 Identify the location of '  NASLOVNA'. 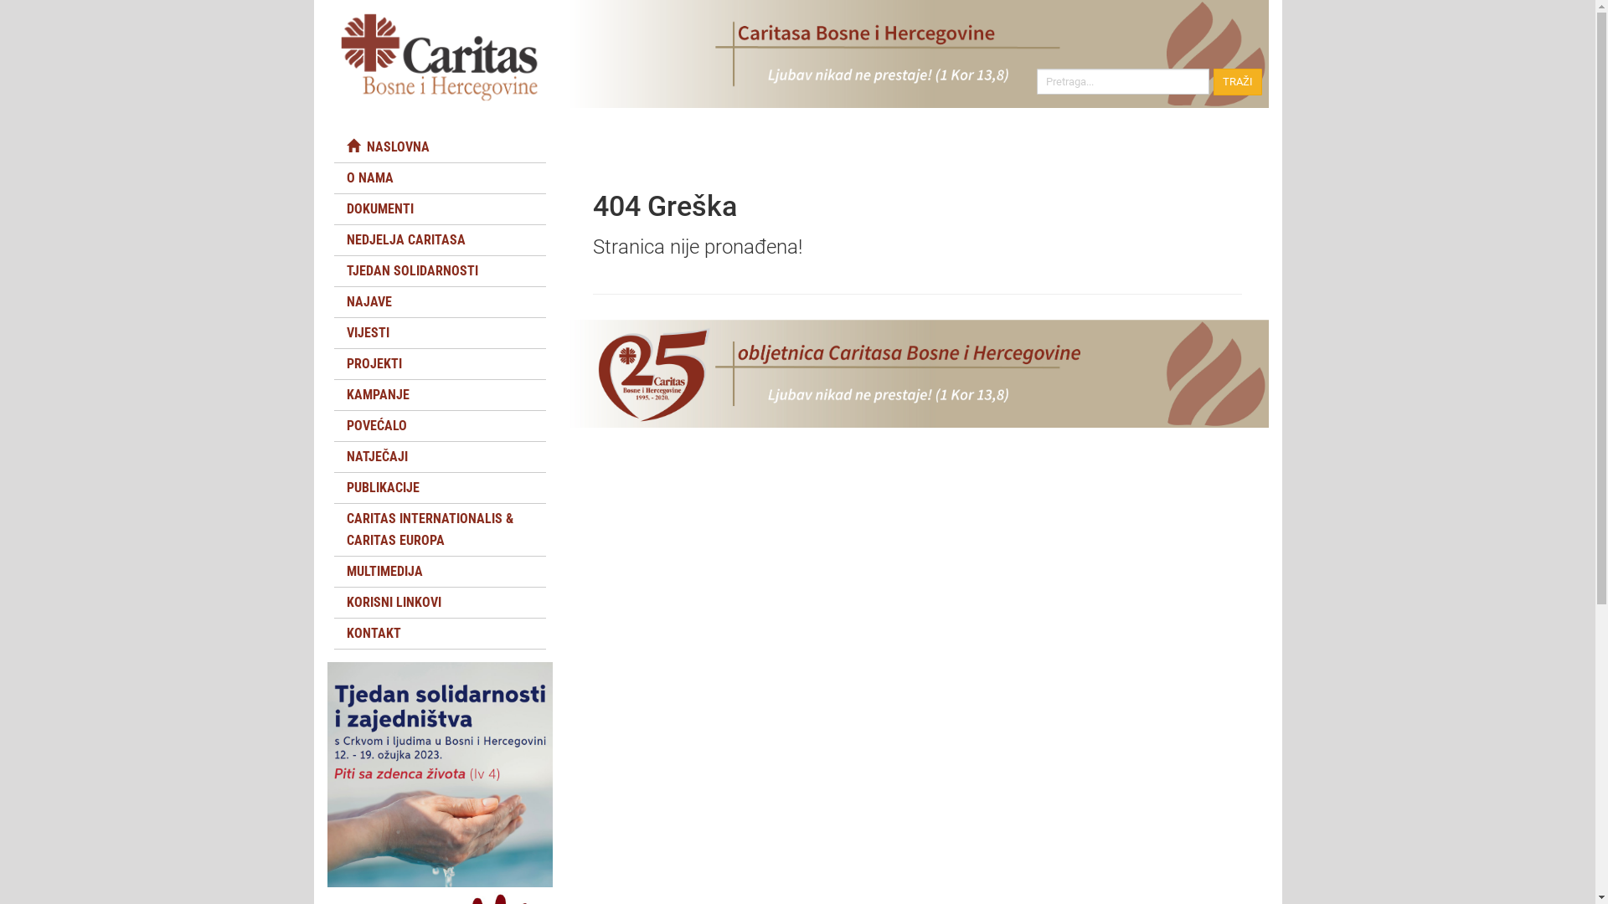
(439, 146).